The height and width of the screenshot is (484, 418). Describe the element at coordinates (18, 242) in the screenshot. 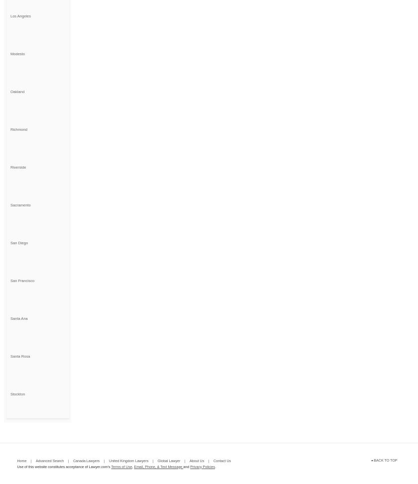

I see `'San Diego'` at that location.